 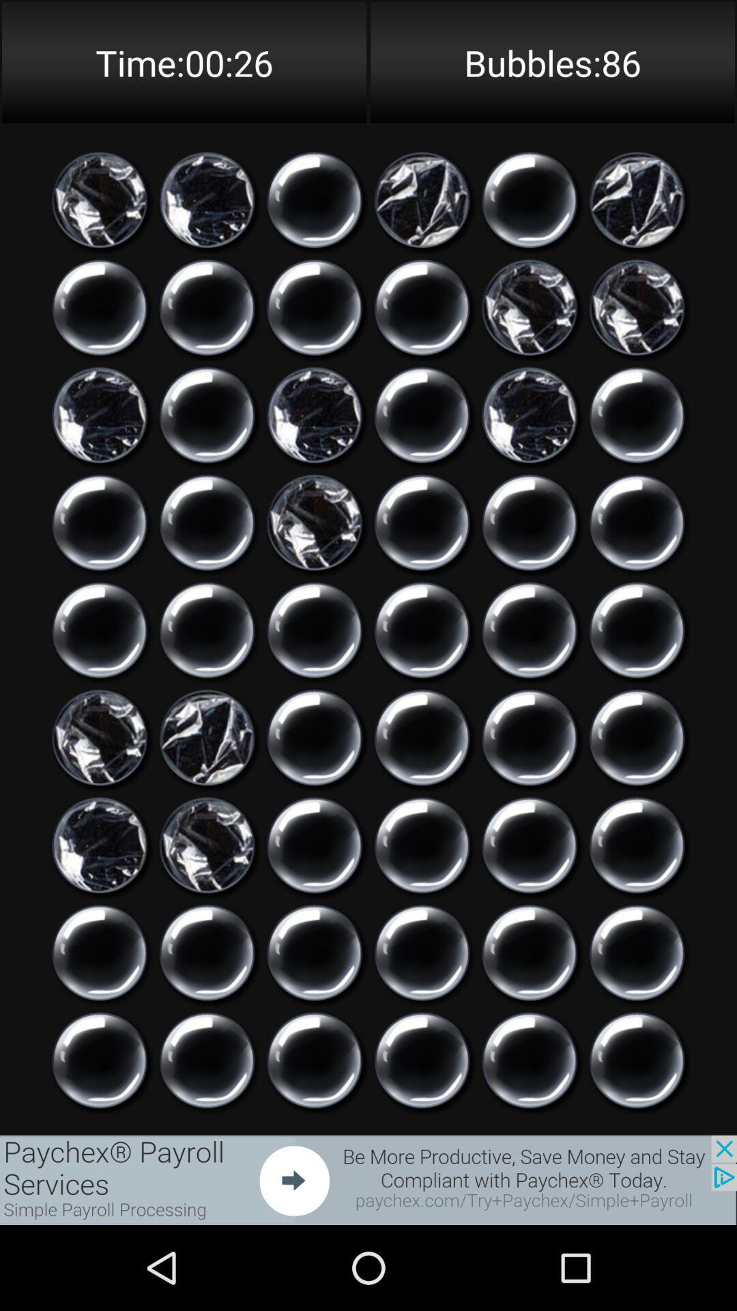 I want to click on something, so click(x=421, y=522).